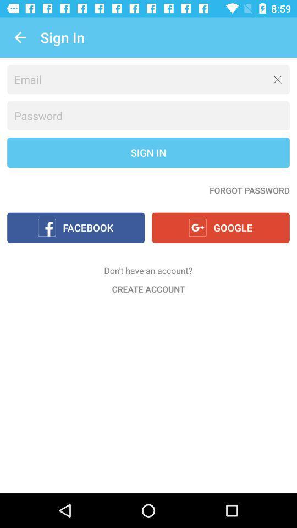 The width and height of the screenshot is (297, 528). What do you see at coordinates (148, 288) in the screenshot?
I see `the create account` at bounding box center [148, 288].